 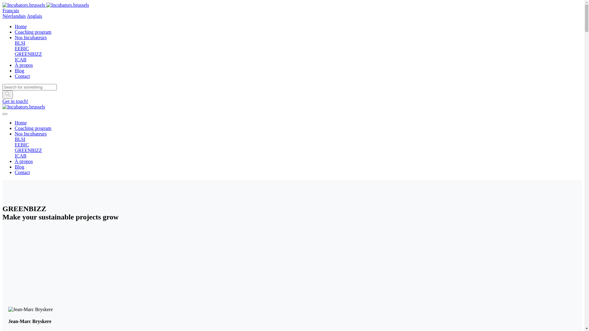 What do you see at coordinates (33, 128) in the screenshot?
I see `'Coaching program'` at bounding box center [33, 128].